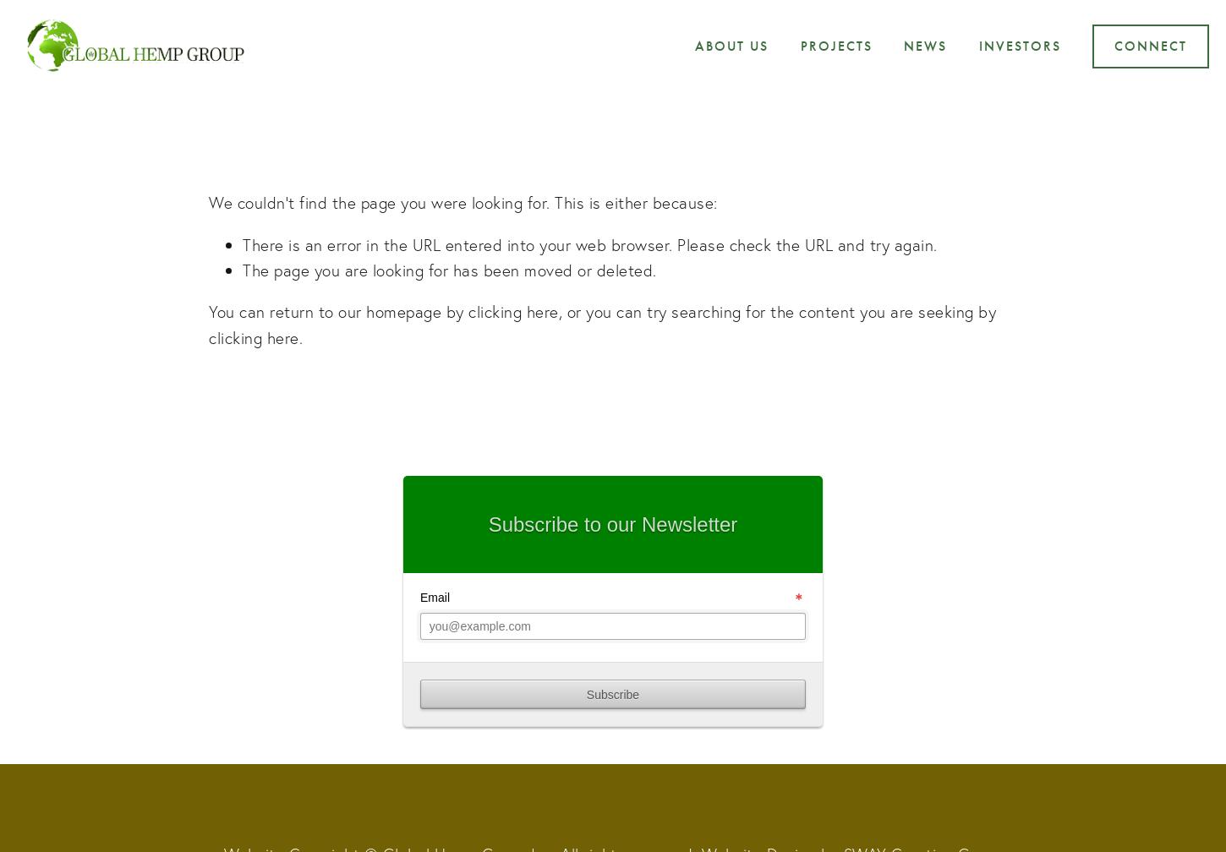 The width and height of the screenshot is (1226, 852). What do you see at coordinates (337, 311) in the screenshot?
I see `'You can return to our homepage by'` at bounding box center [337, 311].